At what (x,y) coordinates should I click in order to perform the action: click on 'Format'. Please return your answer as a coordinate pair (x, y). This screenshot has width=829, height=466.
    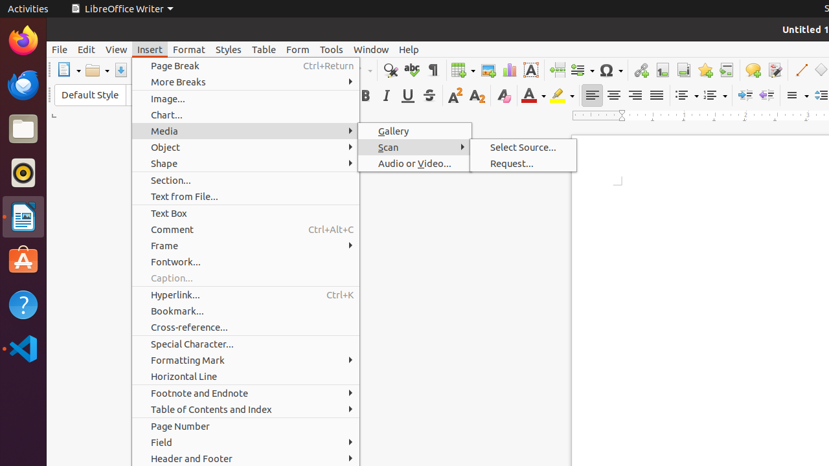
    Looking at the image, I should click on (188, 49).